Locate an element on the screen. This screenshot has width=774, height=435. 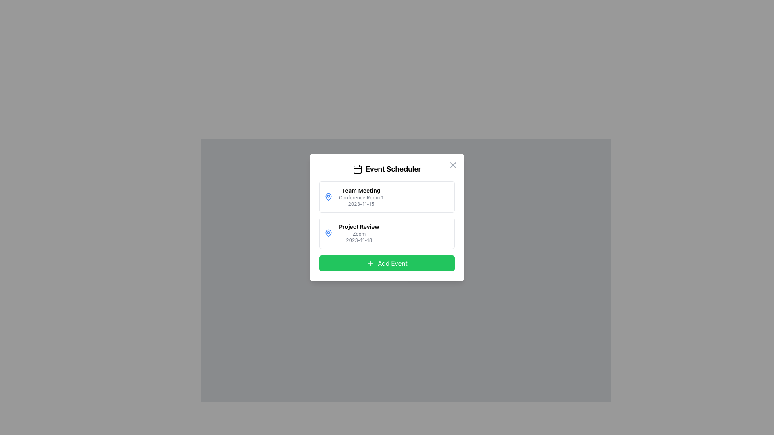
the 'Add Event' button at the bottom of the event scheduler interface is located at coordinates (387, 263).